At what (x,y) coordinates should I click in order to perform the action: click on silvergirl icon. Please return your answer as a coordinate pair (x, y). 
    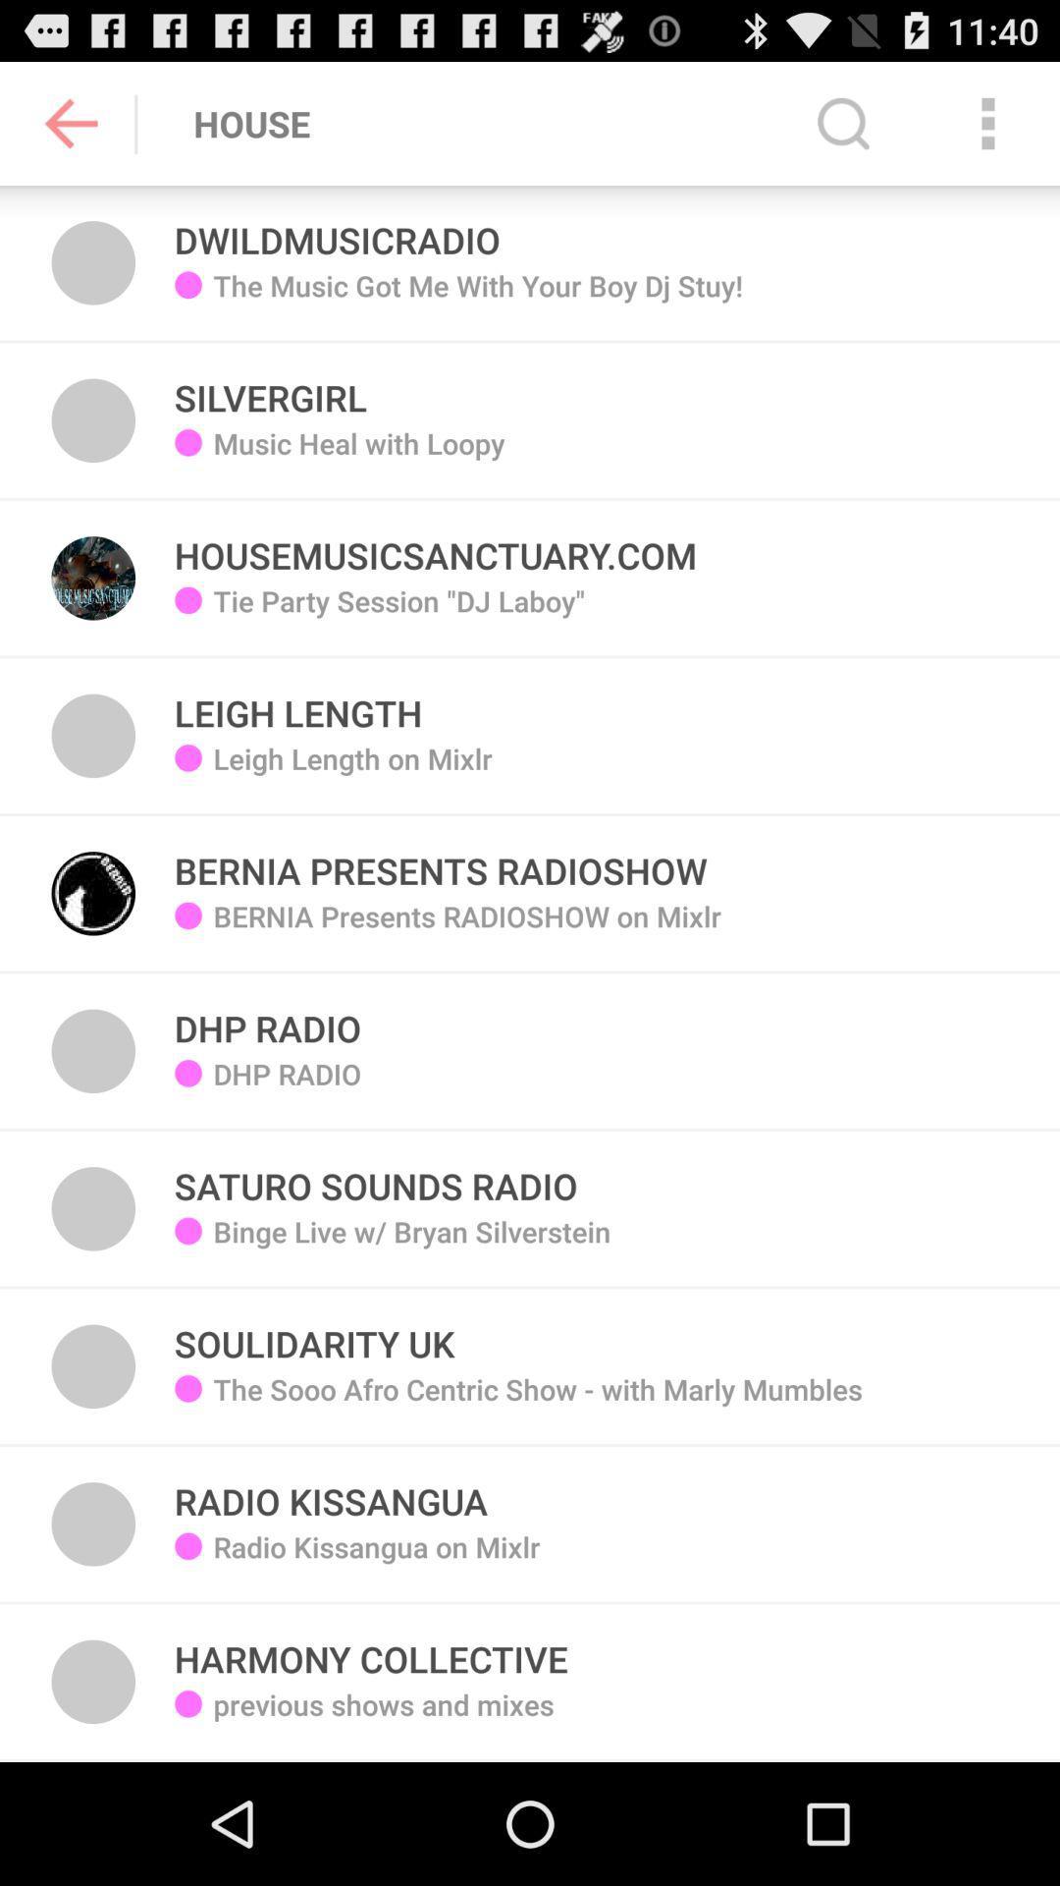
    Looking at the image, I should click on (271, 387).